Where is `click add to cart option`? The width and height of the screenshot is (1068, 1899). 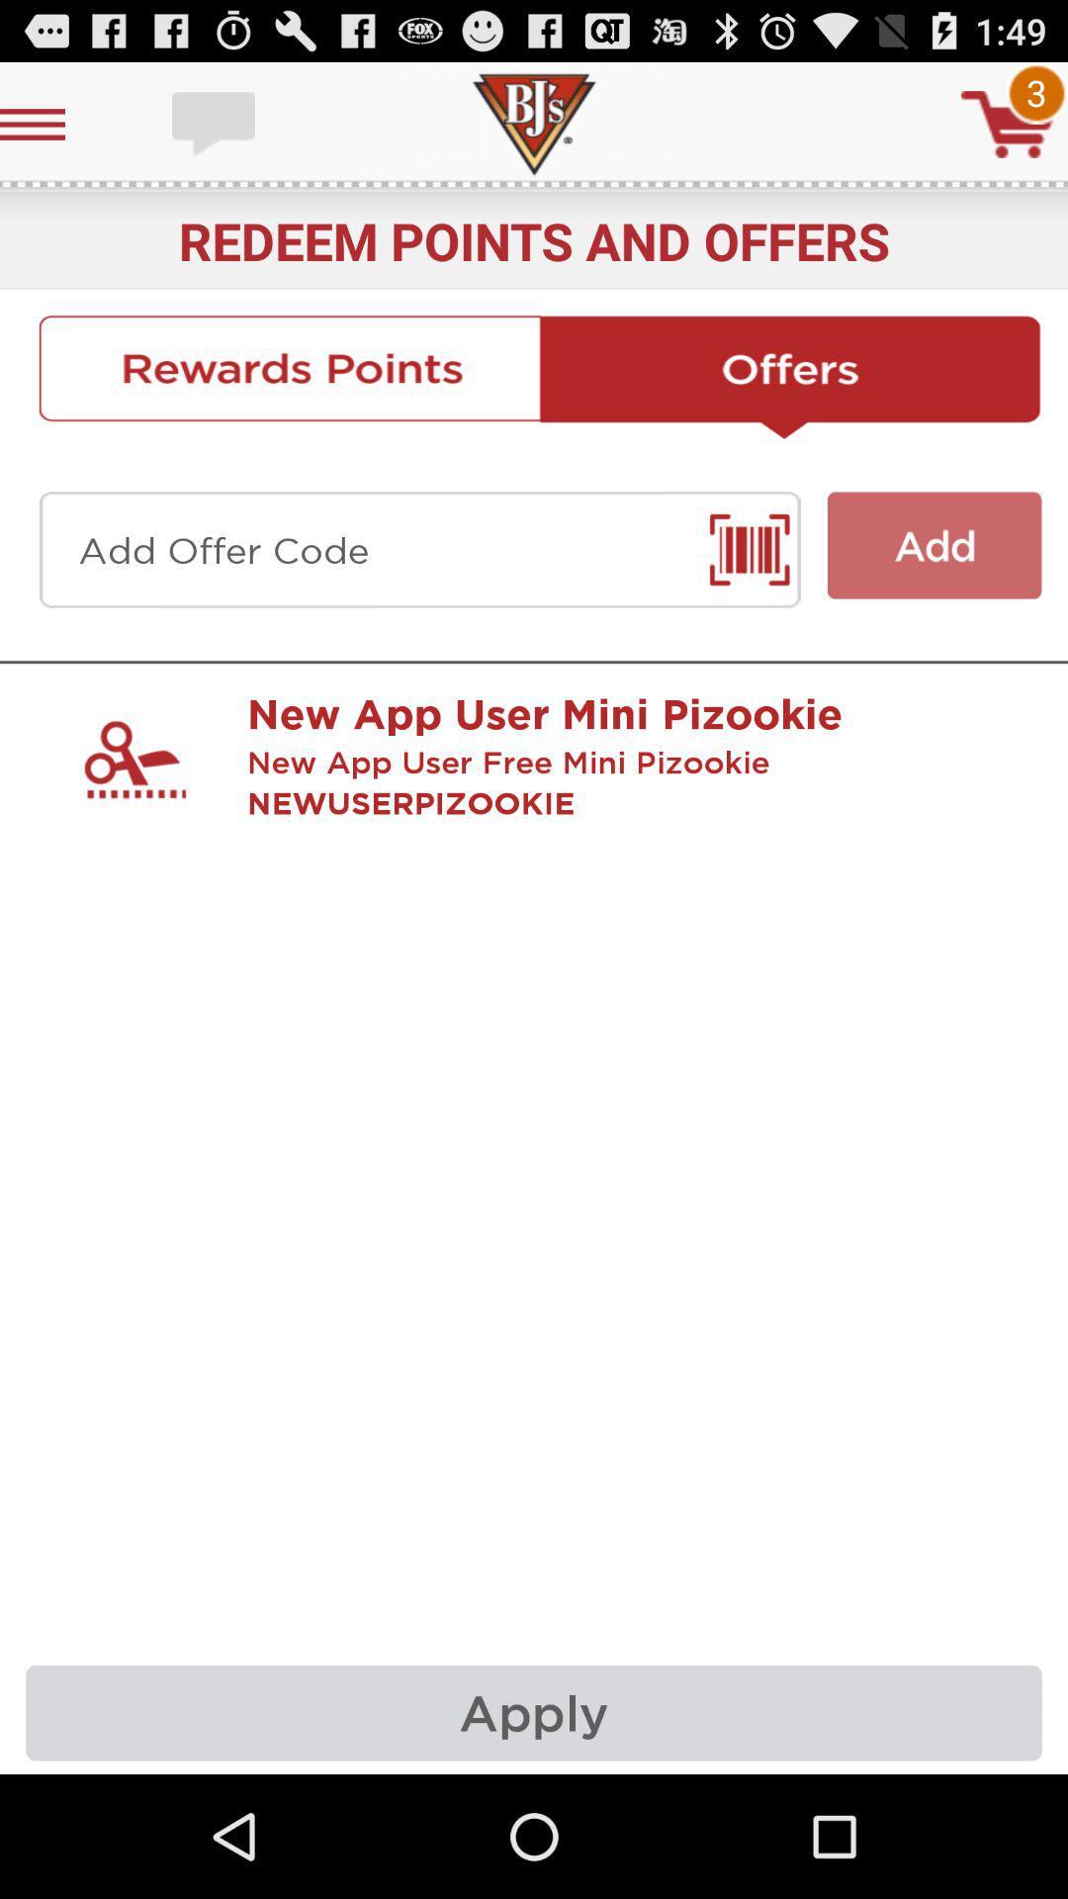 click add to cart option is located at coordinates (1008, 123).